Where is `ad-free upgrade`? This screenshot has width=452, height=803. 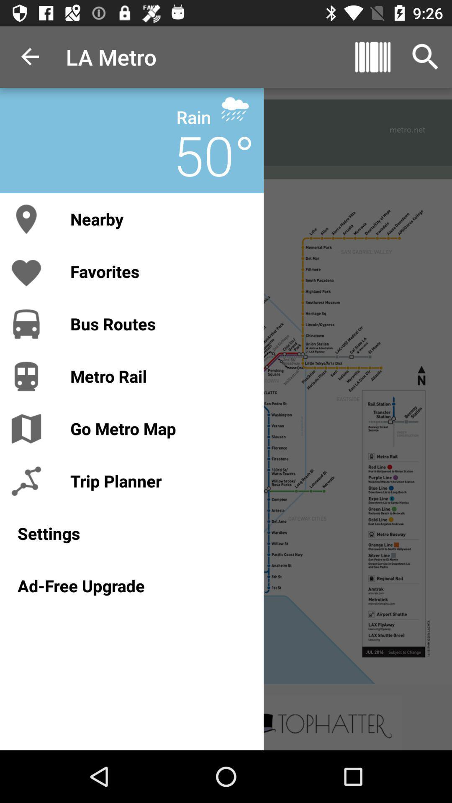 ad-free upgrade is located at coordinates (132, 585).